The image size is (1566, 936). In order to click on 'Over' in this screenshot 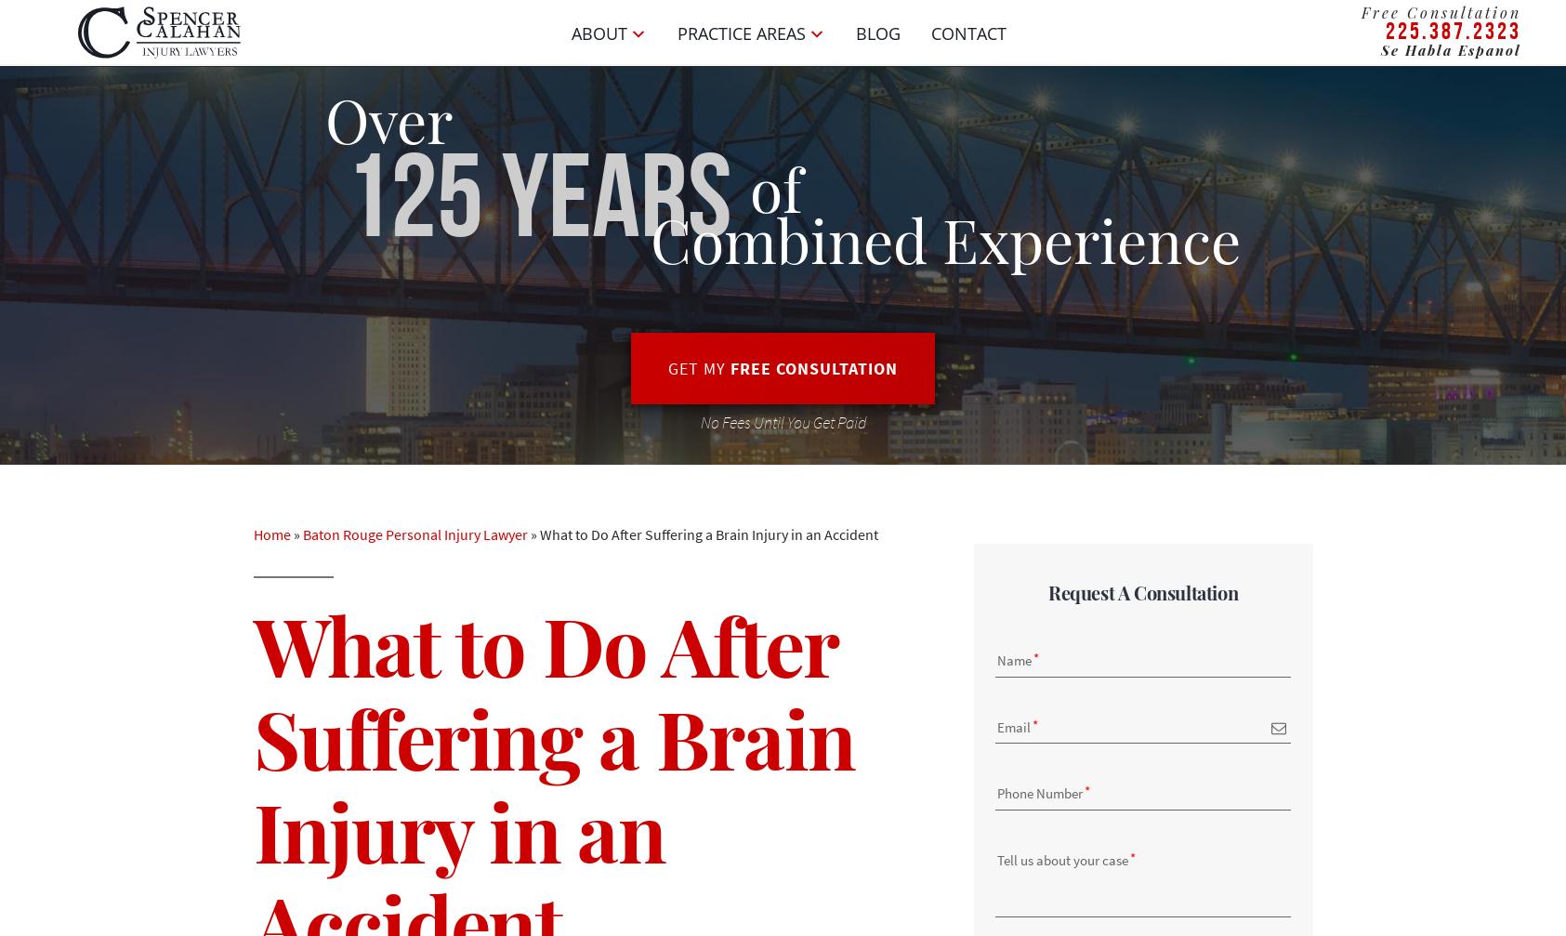, I will do `click(388, 119)`.